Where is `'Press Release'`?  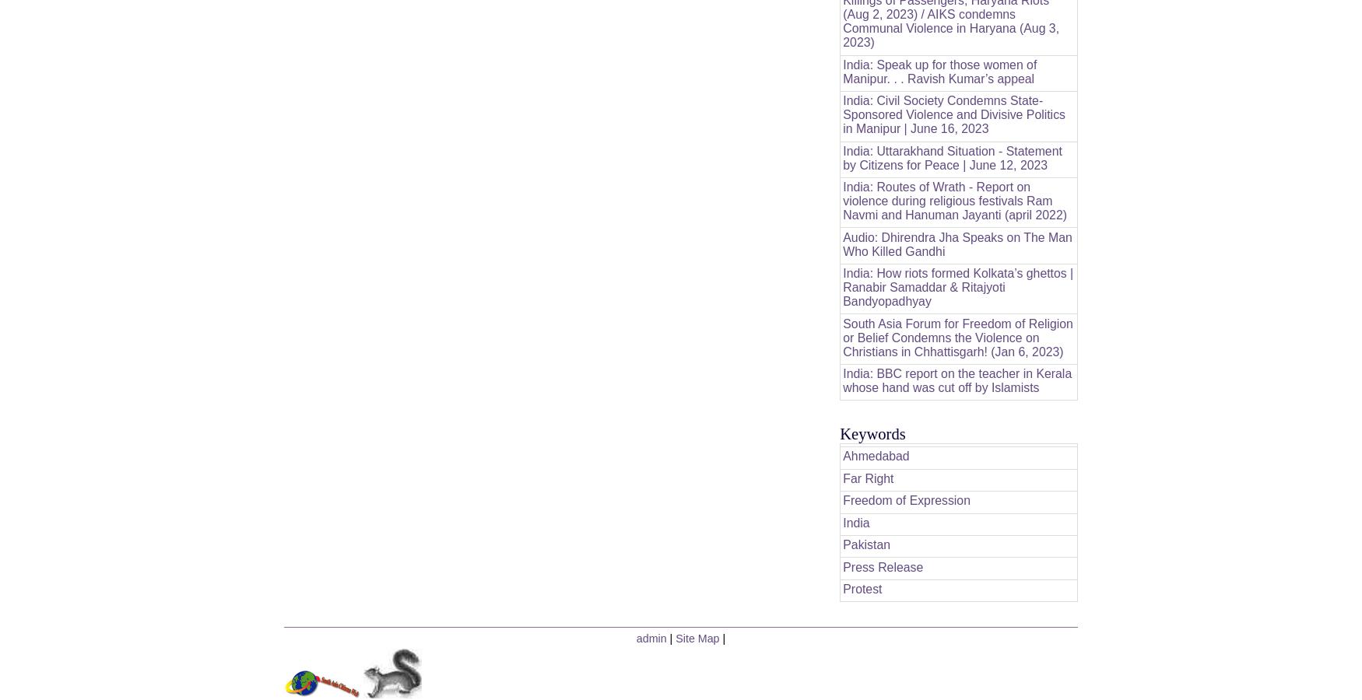 'Press Release' is located at coordinates (843, 565).